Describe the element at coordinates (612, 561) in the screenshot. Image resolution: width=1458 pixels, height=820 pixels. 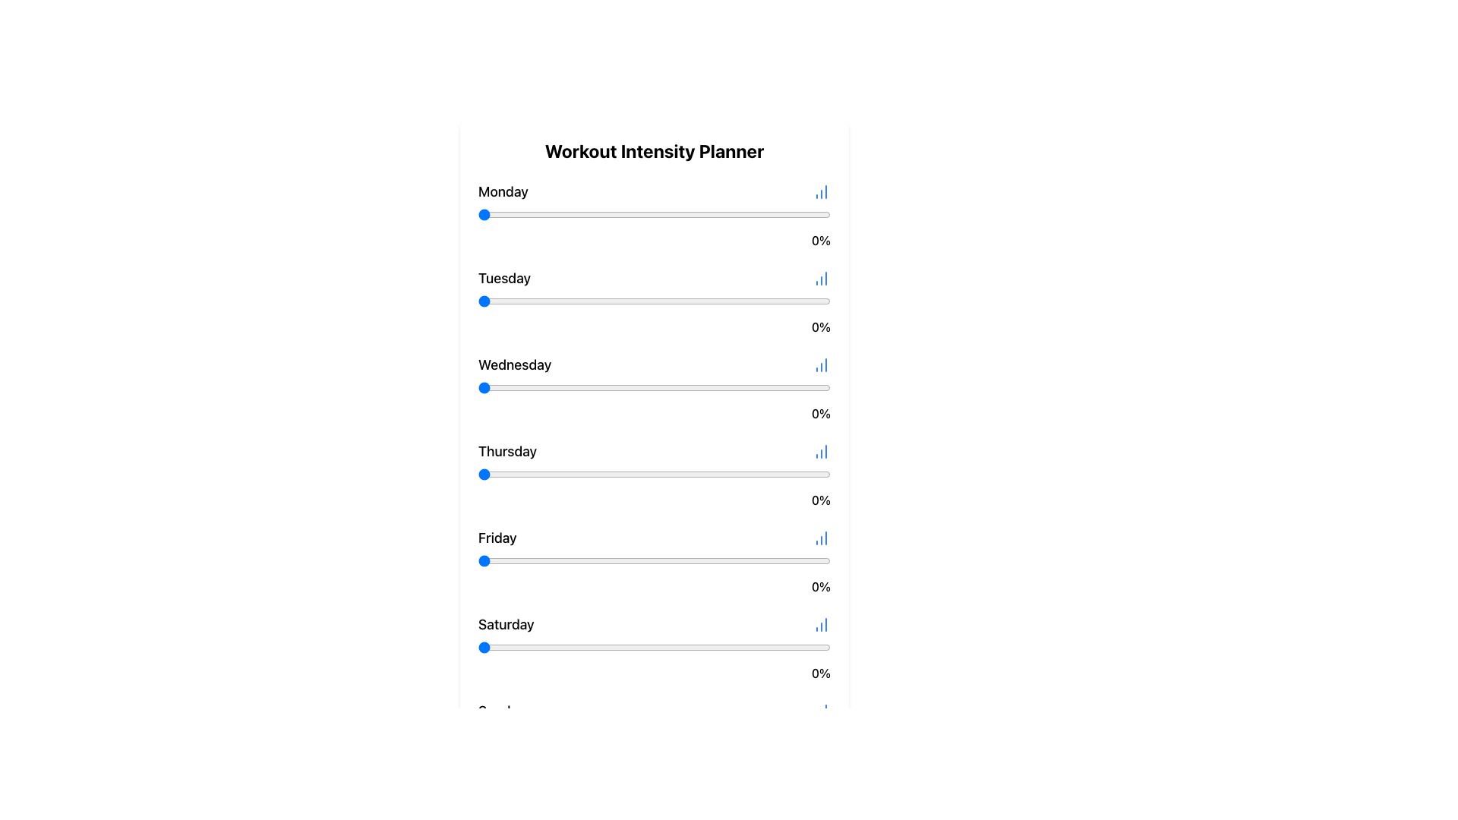
I see `the Friday intensity` at that location.